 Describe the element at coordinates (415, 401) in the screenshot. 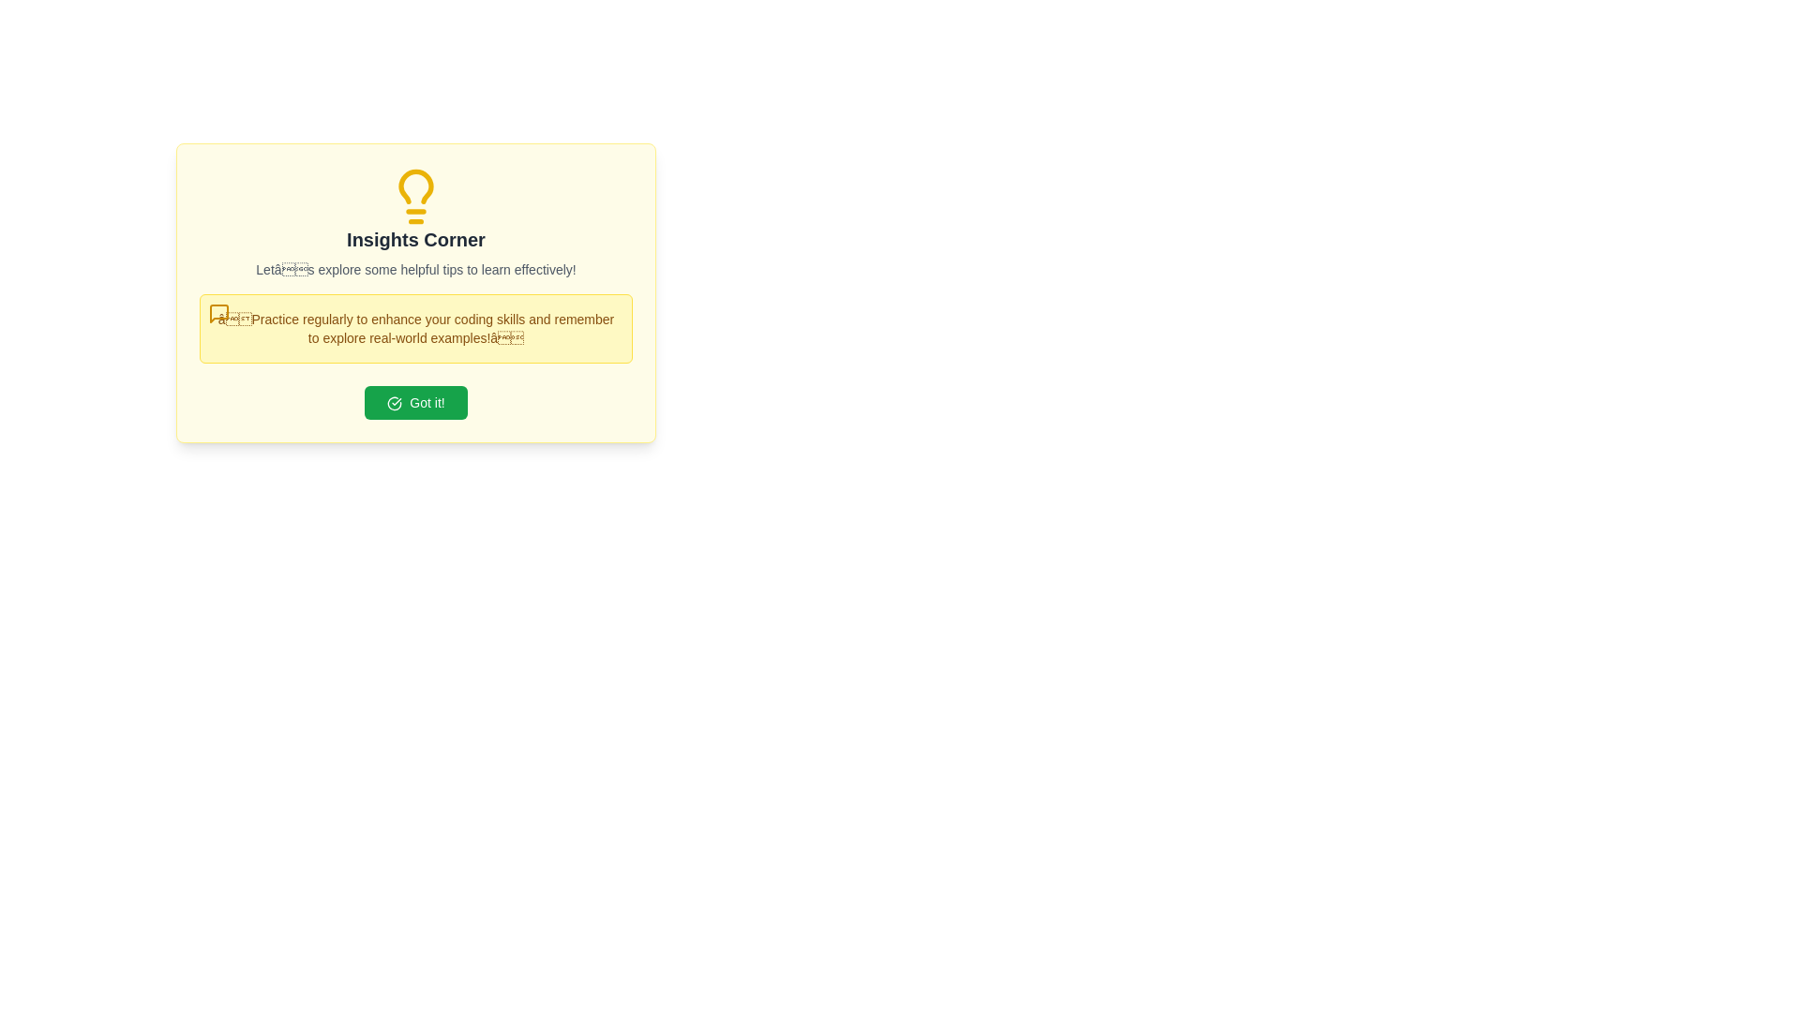

I see `the 'Got it!' button with a green background and checkmark icon` at that location.